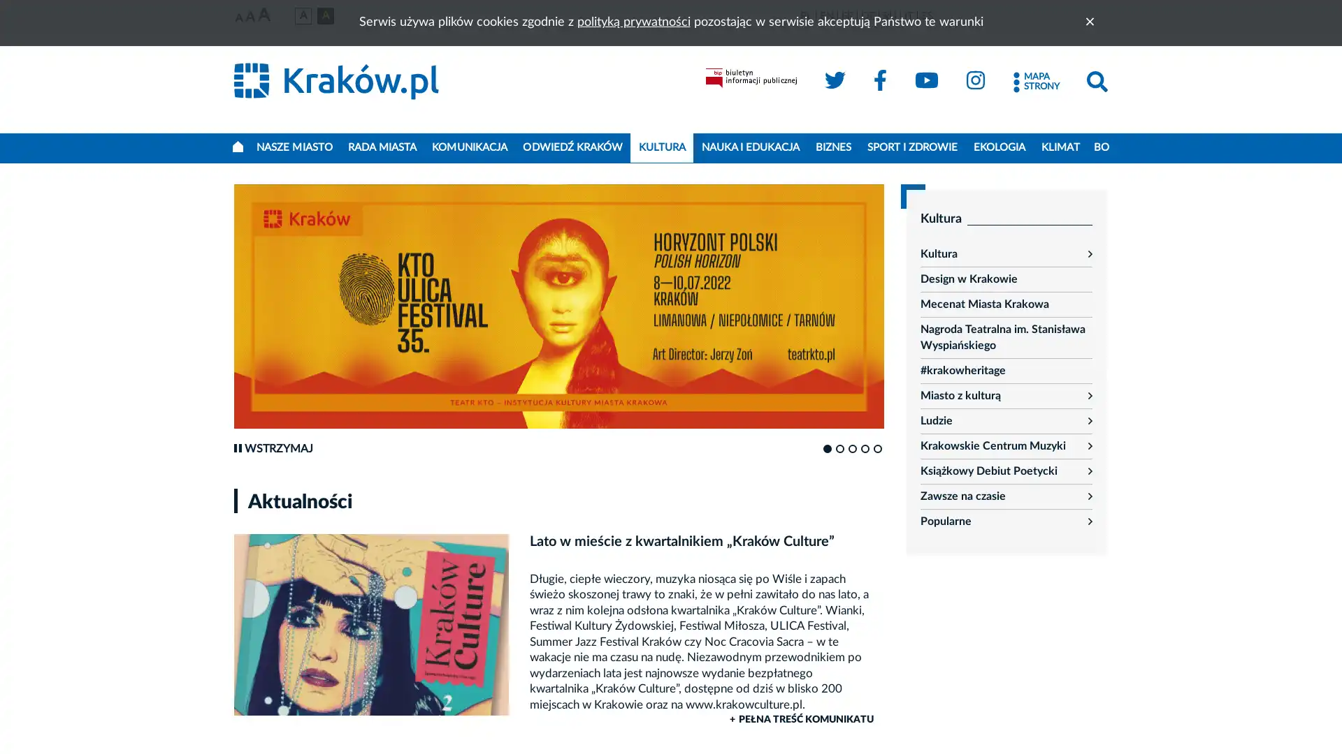  What do you see at coordinates (250, 17) in the screenshot?
I see `Srednia czcionka` at bounding box center [250, 17].